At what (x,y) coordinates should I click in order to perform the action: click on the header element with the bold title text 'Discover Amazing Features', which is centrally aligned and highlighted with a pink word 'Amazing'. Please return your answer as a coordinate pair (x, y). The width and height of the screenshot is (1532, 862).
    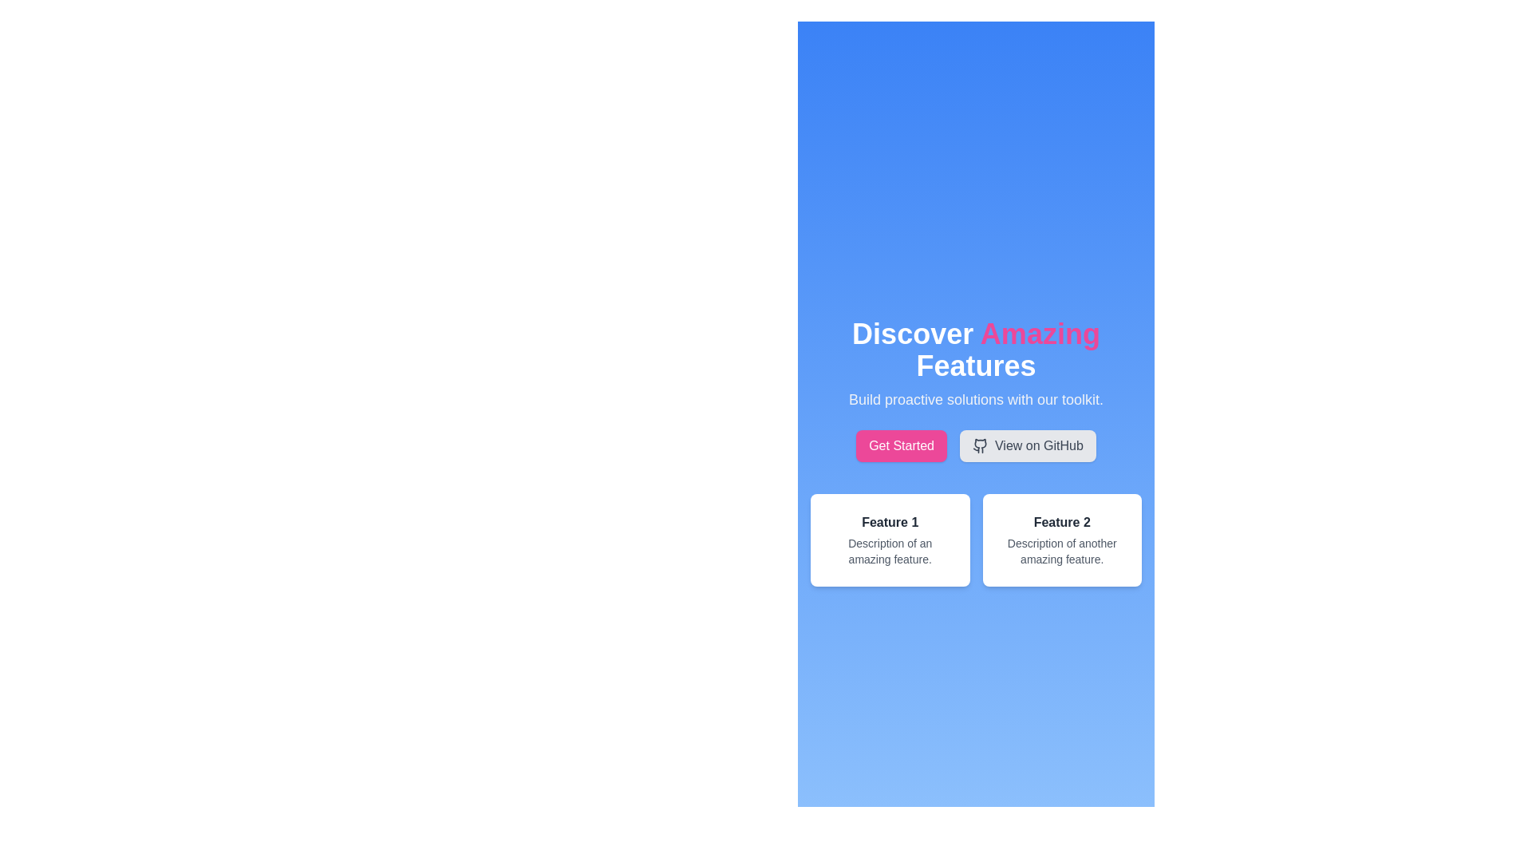
    Looking at the image, I should click on (975, 350).